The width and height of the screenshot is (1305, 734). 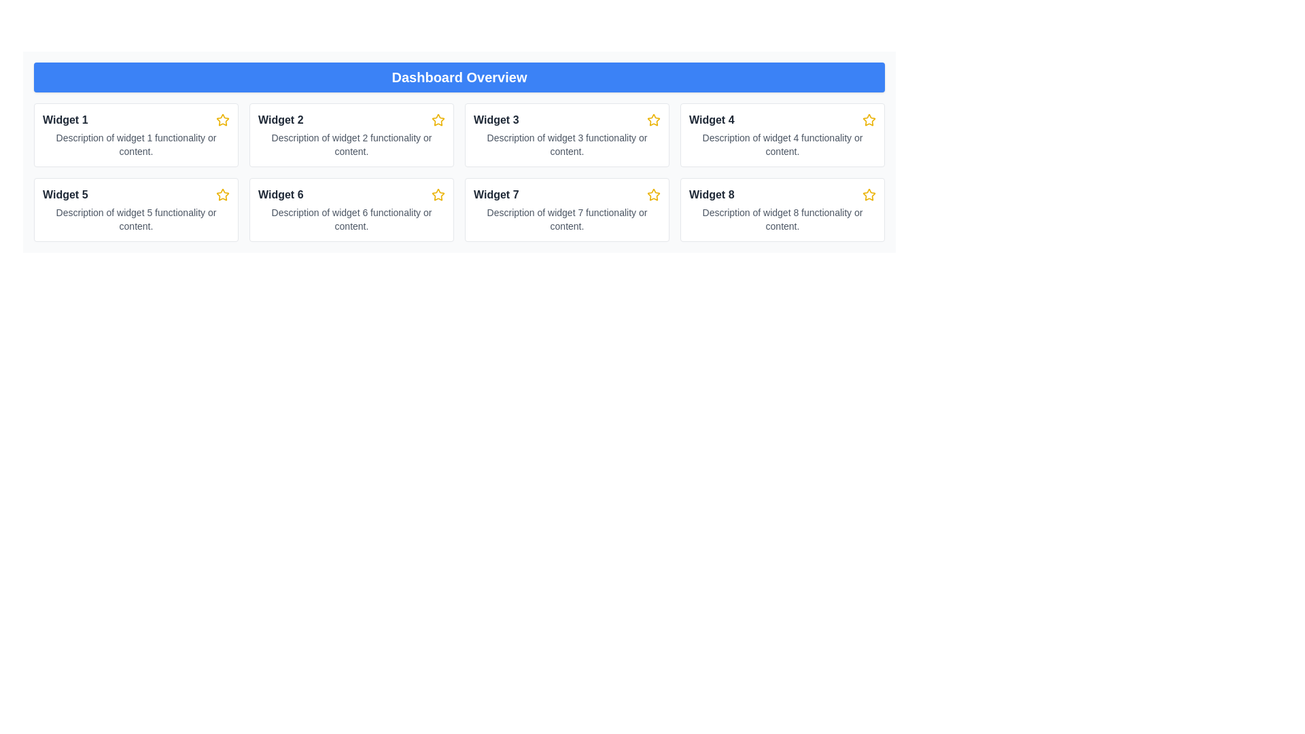 I want to click on the Banner header at the top of the dashboard, which serves as the title for the content below, so click(x=459, y=77).